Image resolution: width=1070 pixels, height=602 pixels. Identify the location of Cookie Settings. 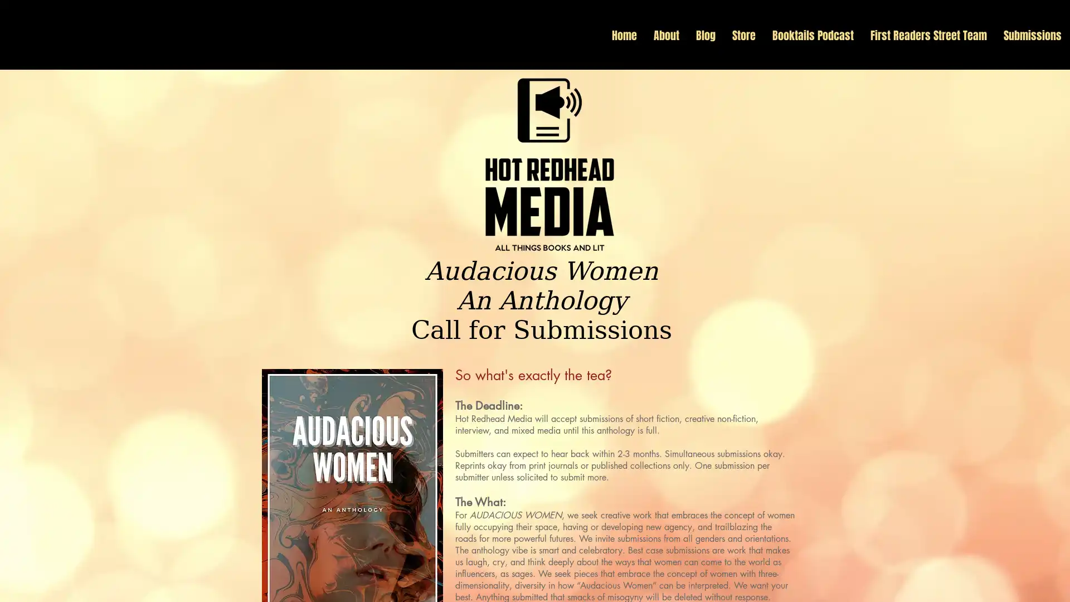
(949, 582).